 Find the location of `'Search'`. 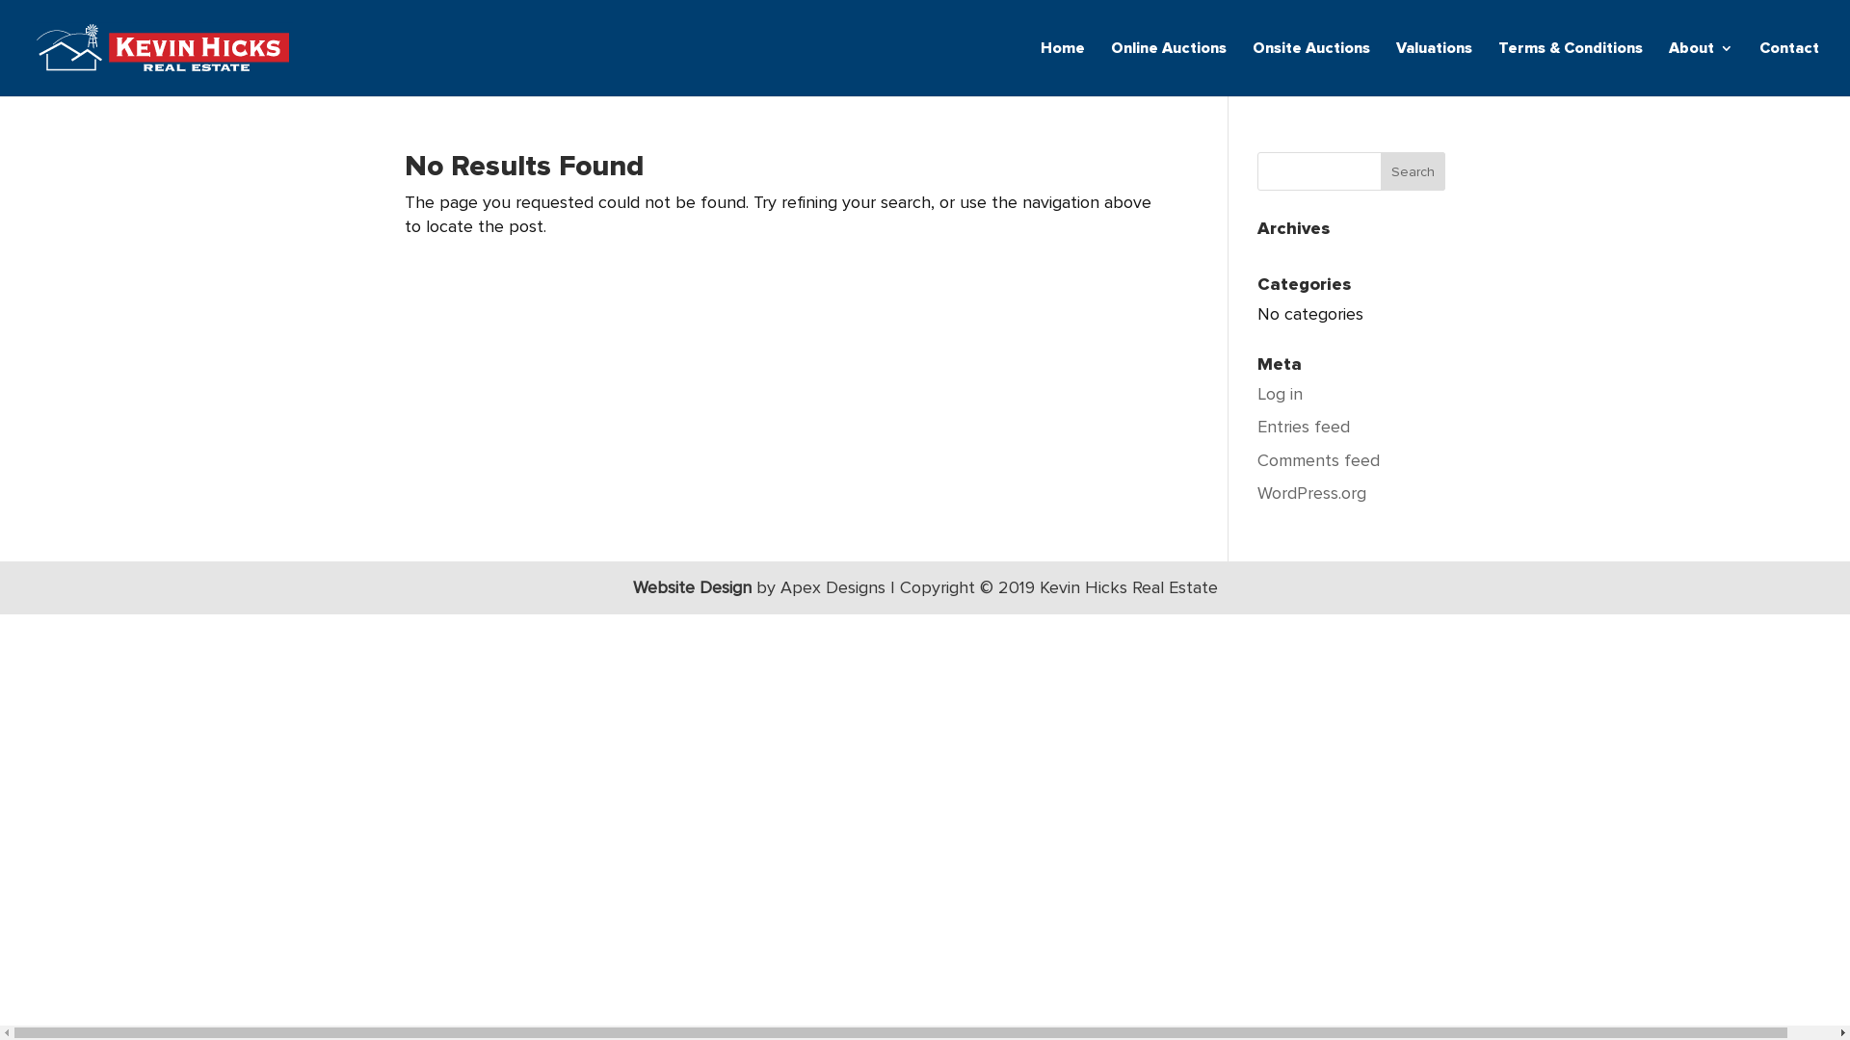

'Search' is located at coordinates (1413, 169).